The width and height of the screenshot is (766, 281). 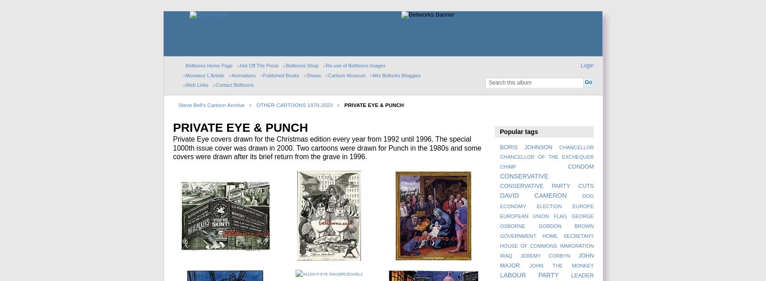 What do you see at coordinates (500, 245) in the screenshot?
I see `'HOUSE OF COMMONS'` at bounding box center [500, 245].